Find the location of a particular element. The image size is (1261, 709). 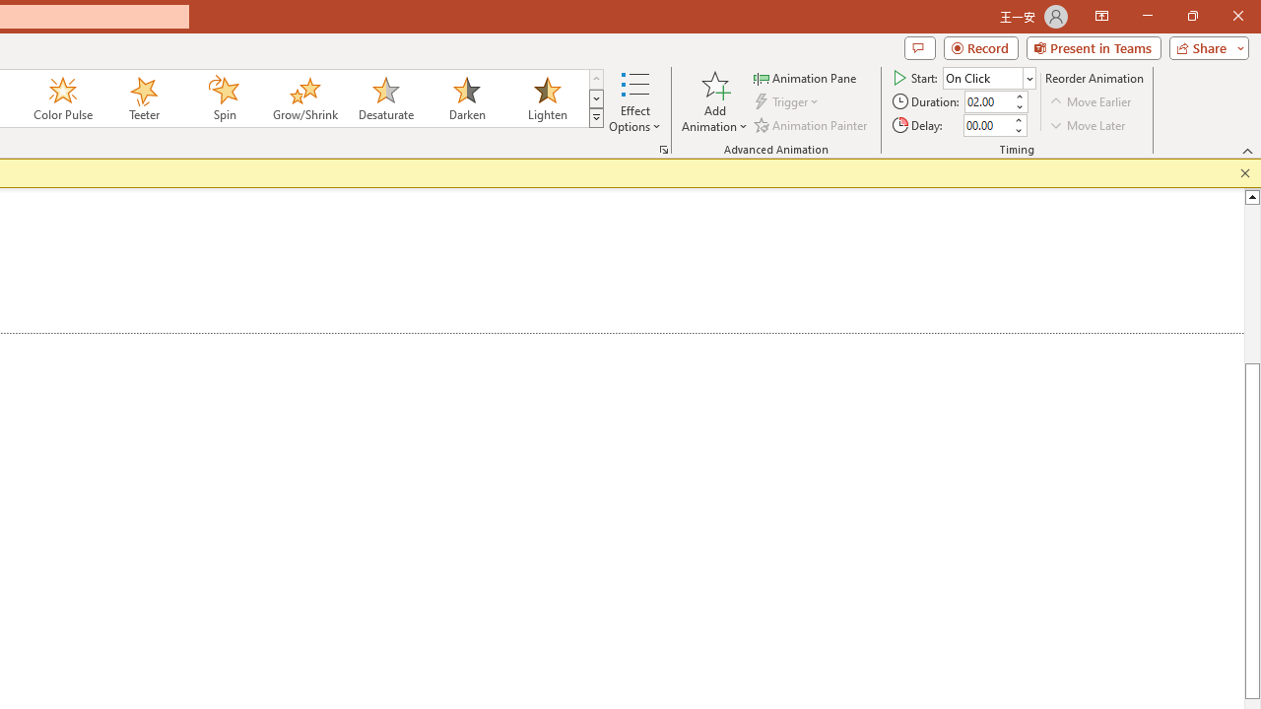

'Less' is located at coordinates (1018, 130).